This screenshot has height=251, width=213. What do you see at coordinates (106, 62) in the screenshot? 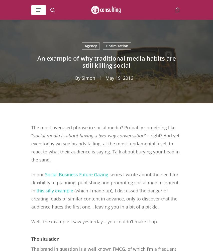
I see `'An example of why traditional media habits are still killing social'` at bounding box center [106, 62].